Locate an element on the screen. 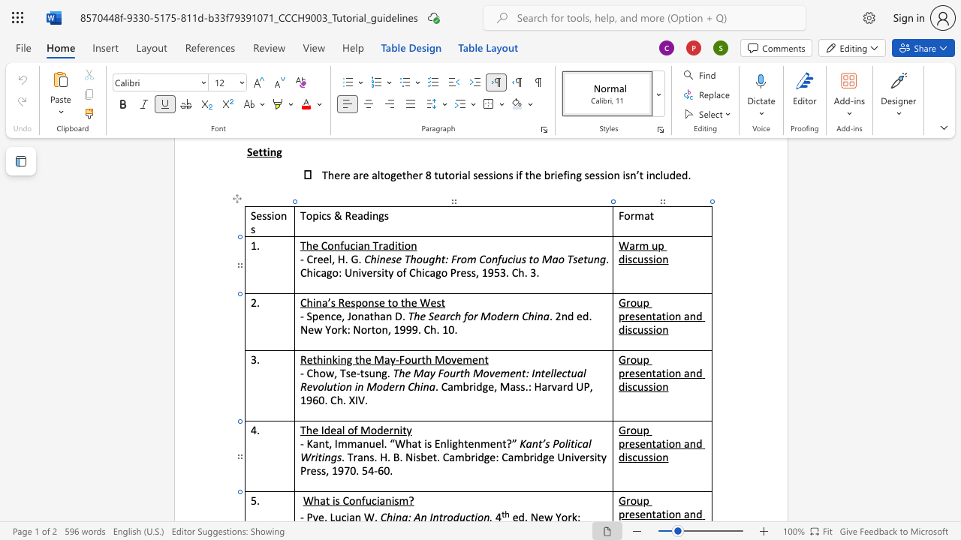  the space between the continuous character "t" and "o" in the text is located at coordinates (375, 328).